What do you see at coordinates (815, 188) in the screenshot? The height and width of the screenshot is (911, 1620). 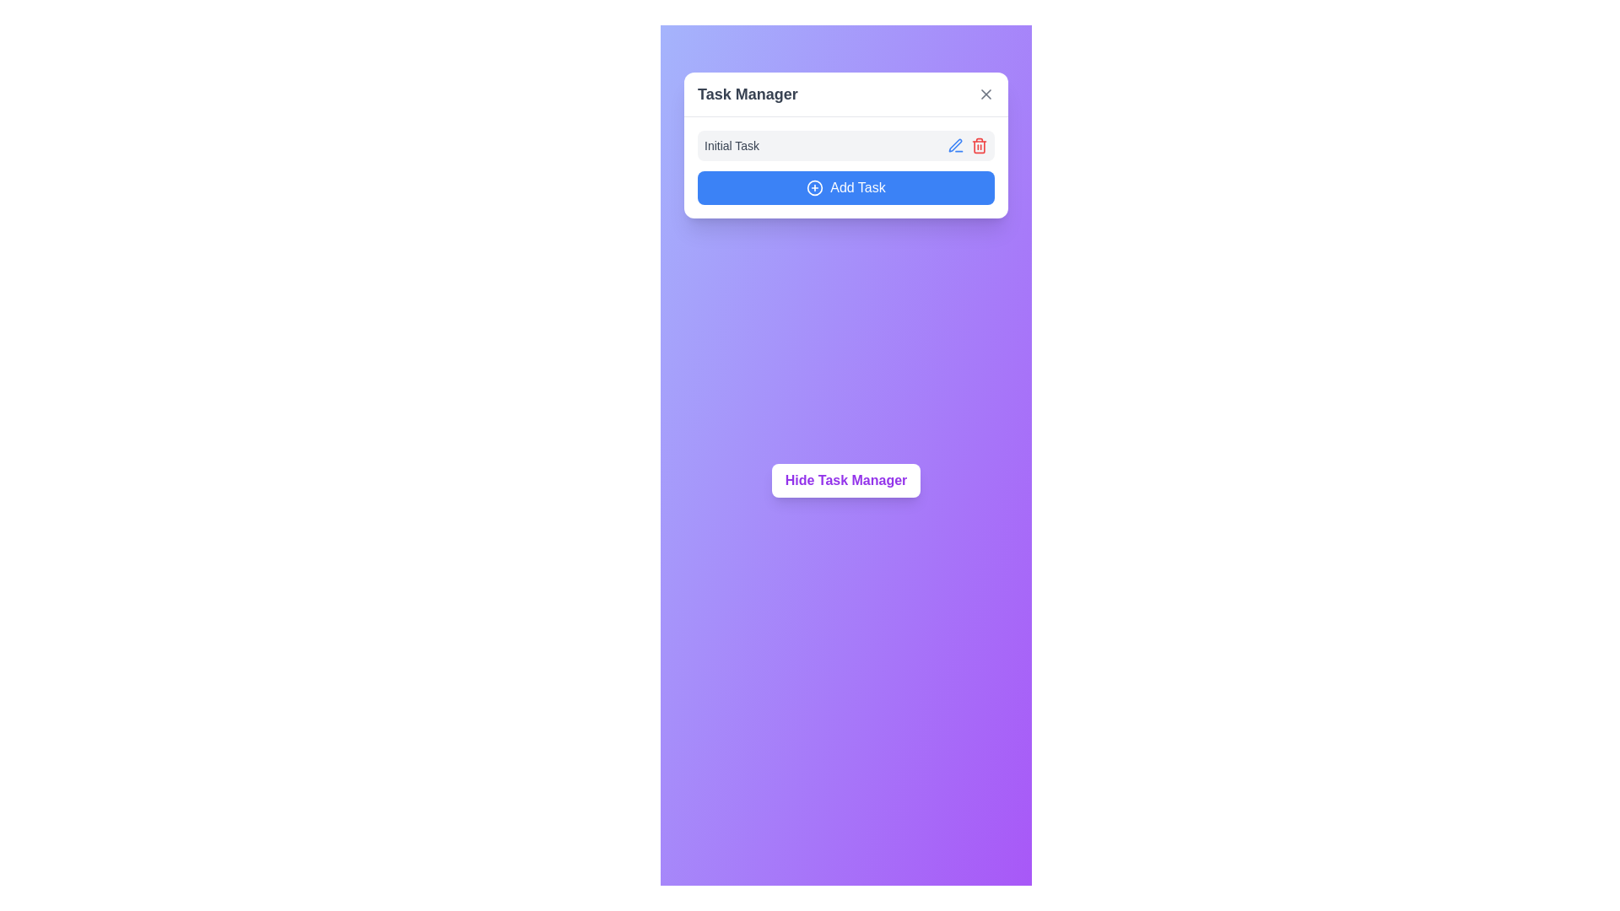 I see `the SVG Circle element that represents the 'Add Task' icon in the Task Manager interface` at bounding box center [815, 188].